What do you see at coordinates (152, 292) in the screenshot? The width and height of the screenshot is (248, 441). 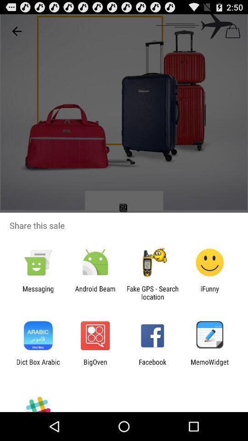 I see `icon to the left of ifunny app` at bounding box center [152, 292].